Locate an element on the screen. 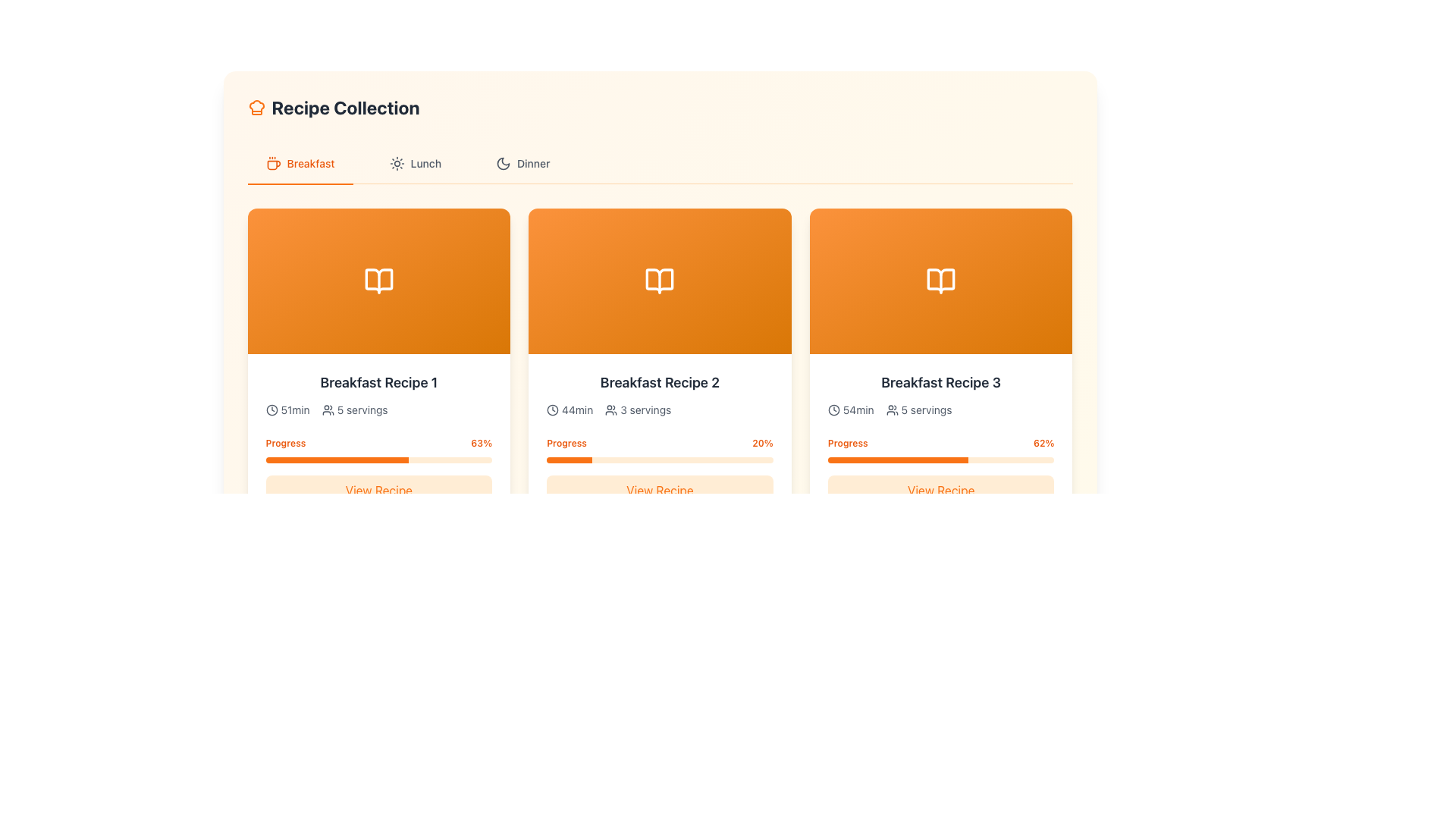  the progress indication on the orange progress bar labeled '20%' within the 'Breakfast Recipe 2' card is located at coordinates (660, 446).